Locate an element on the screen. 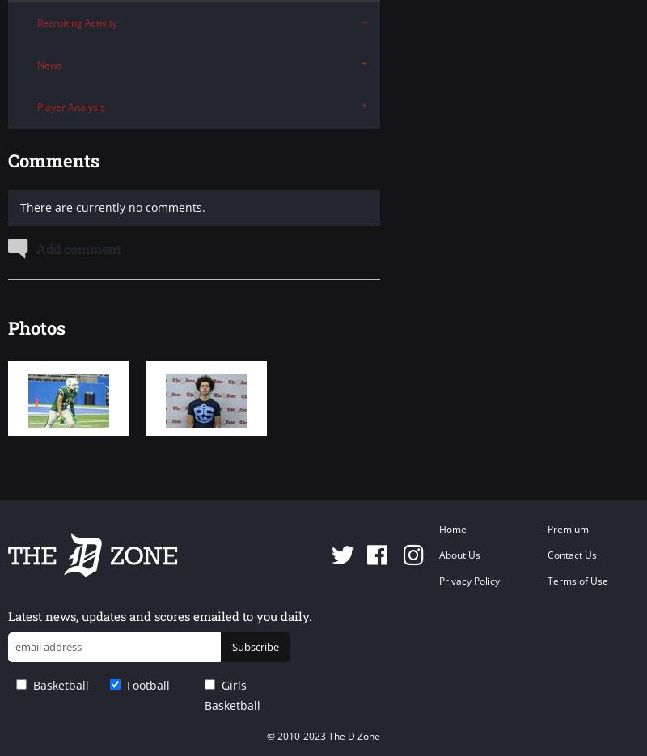 The height and width of the screenshot is (756, 647). 'Terms of Use' is located at coordinates (576, 579).